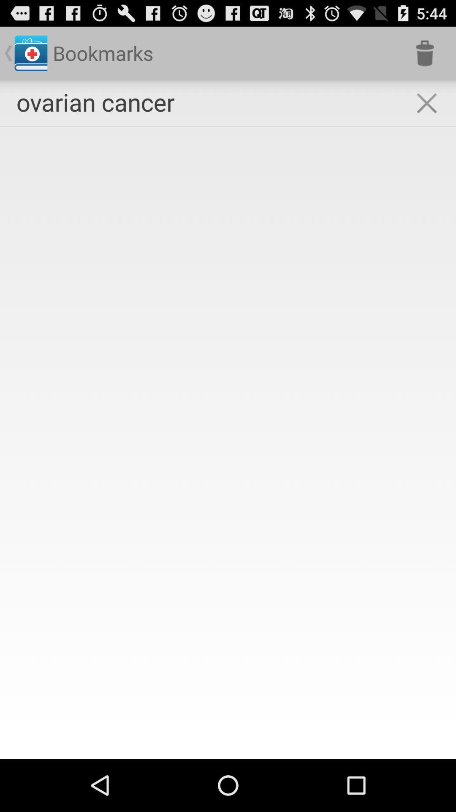  What do you see at coordinates (425, 52) in the screenshot?
I see `icon next to ovarian cancer icon` at bounding box center [425, 52].